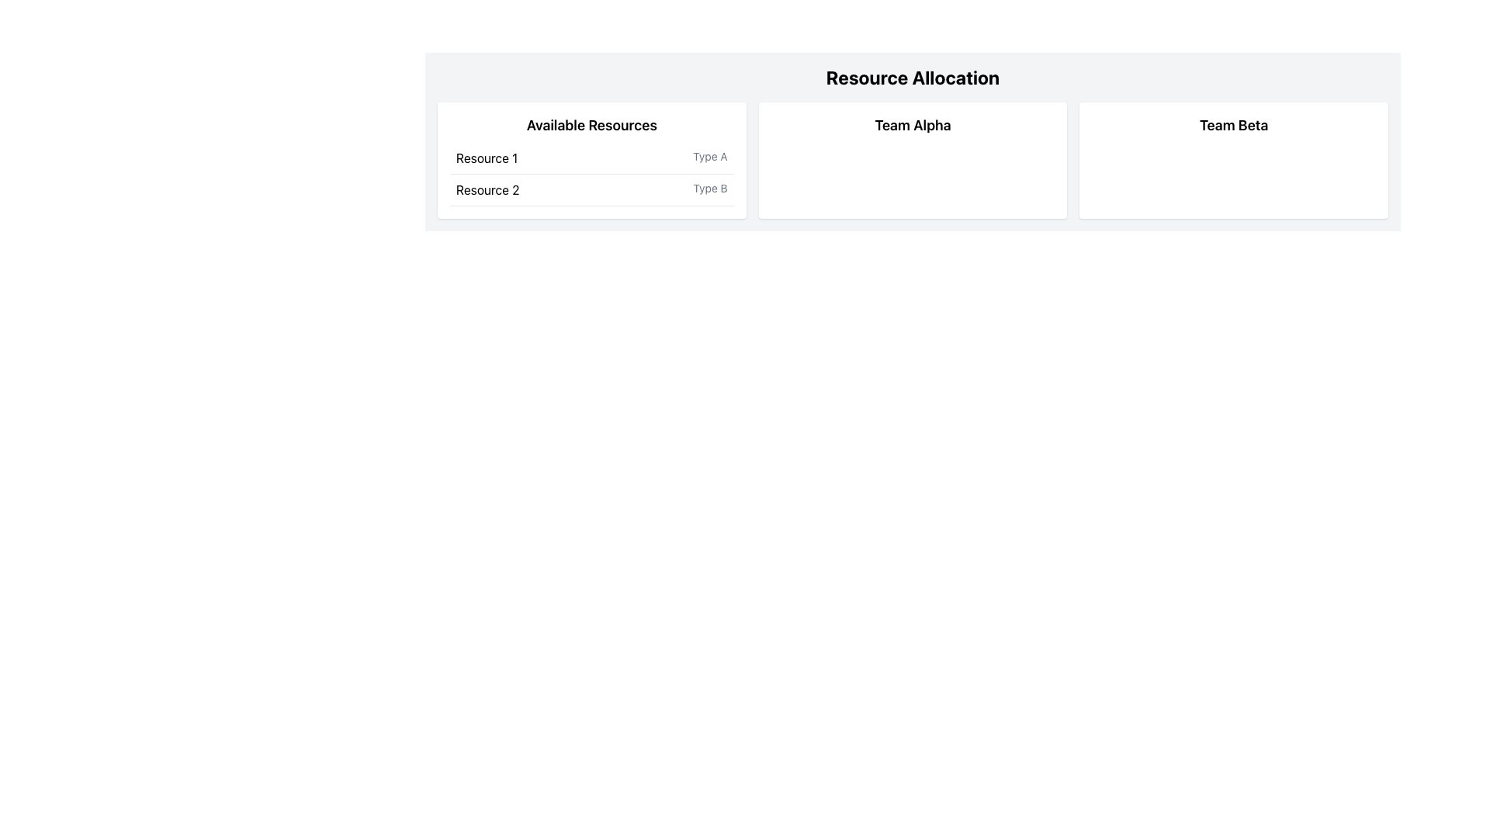  What do you see at coordinates (1233, 161) in the screenshot?
I see `the 'Team Beta' card, which is the third card in a horizontal arrangement under the 'Resource Allocation' section` at bounding box center [1233, 161].